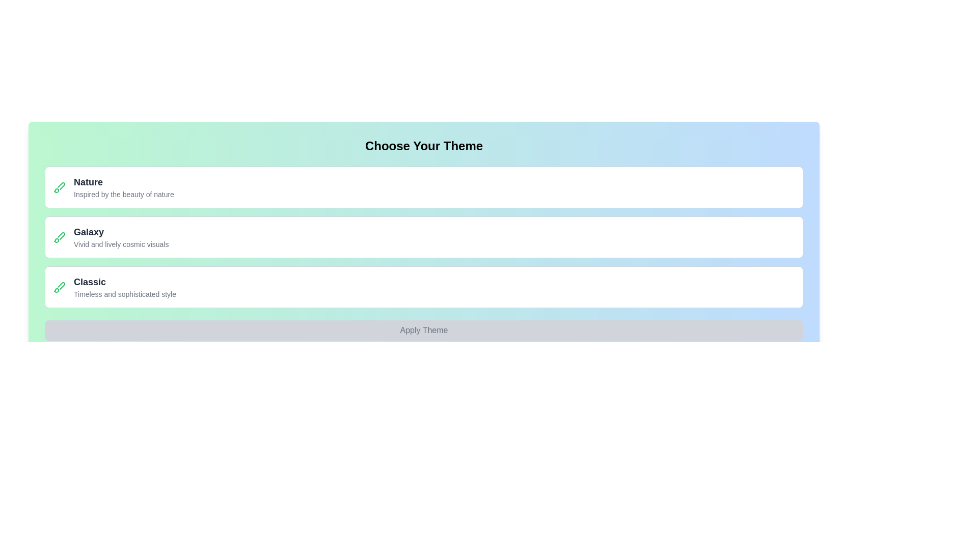 Image resolution: width=978 pixels, height=550 pixels. Describe the element at coordinates (59, 287) in the screenshot. I see `the decorative icon on the left side of the 'Classic' option, which signifies the theme's artistic aspect` at that location.